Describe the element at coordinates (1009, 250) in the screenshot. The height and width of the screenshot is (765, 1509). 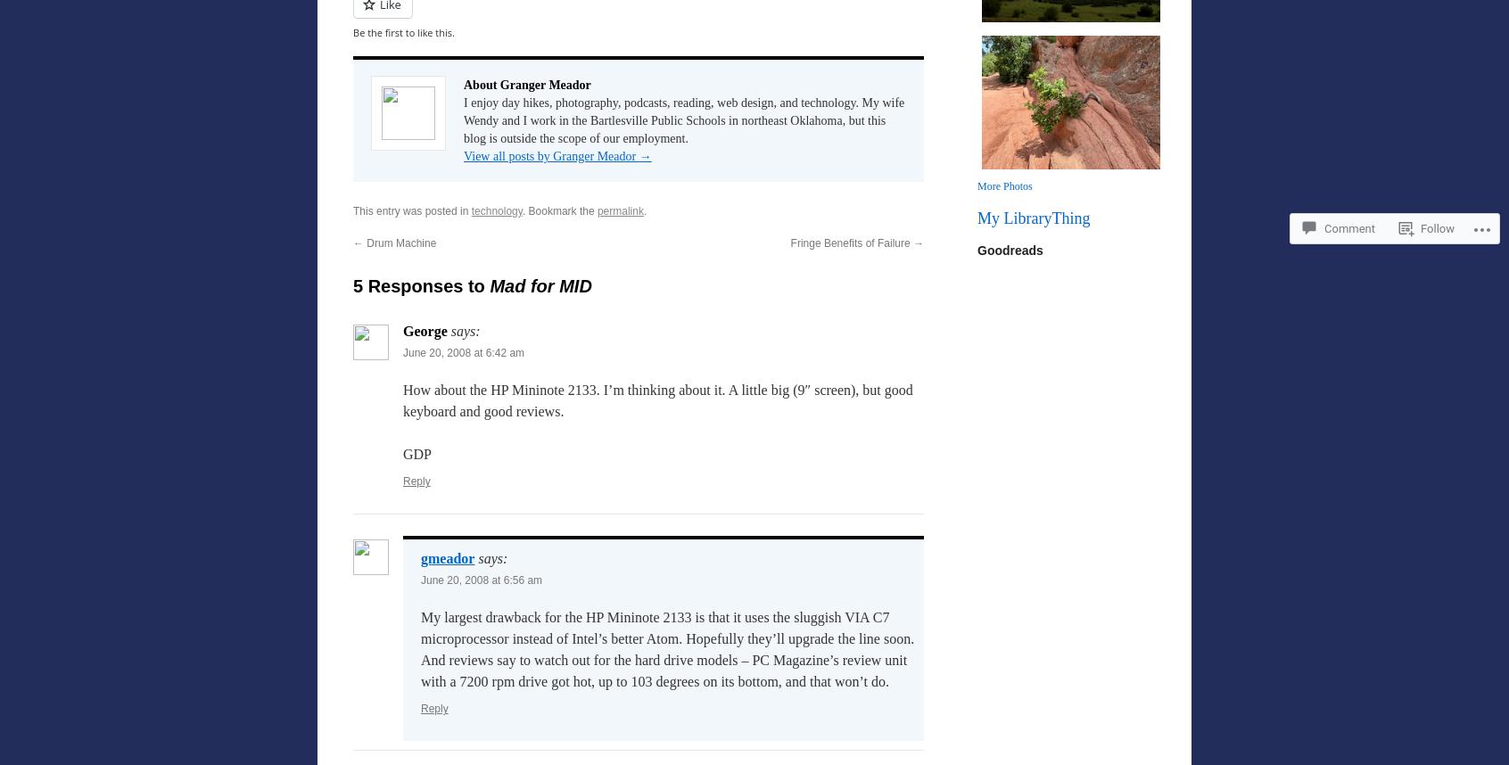
I see `'Goodreads'` at that location.